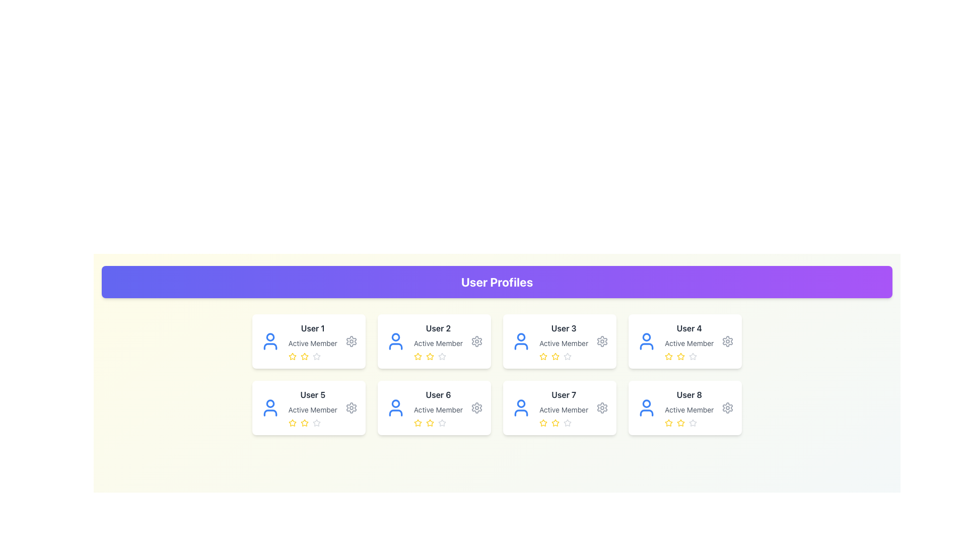  I want to click on the user profile card displaying information about 'User 6', located in the second row and second column of the grid layout, so click(434, 408).